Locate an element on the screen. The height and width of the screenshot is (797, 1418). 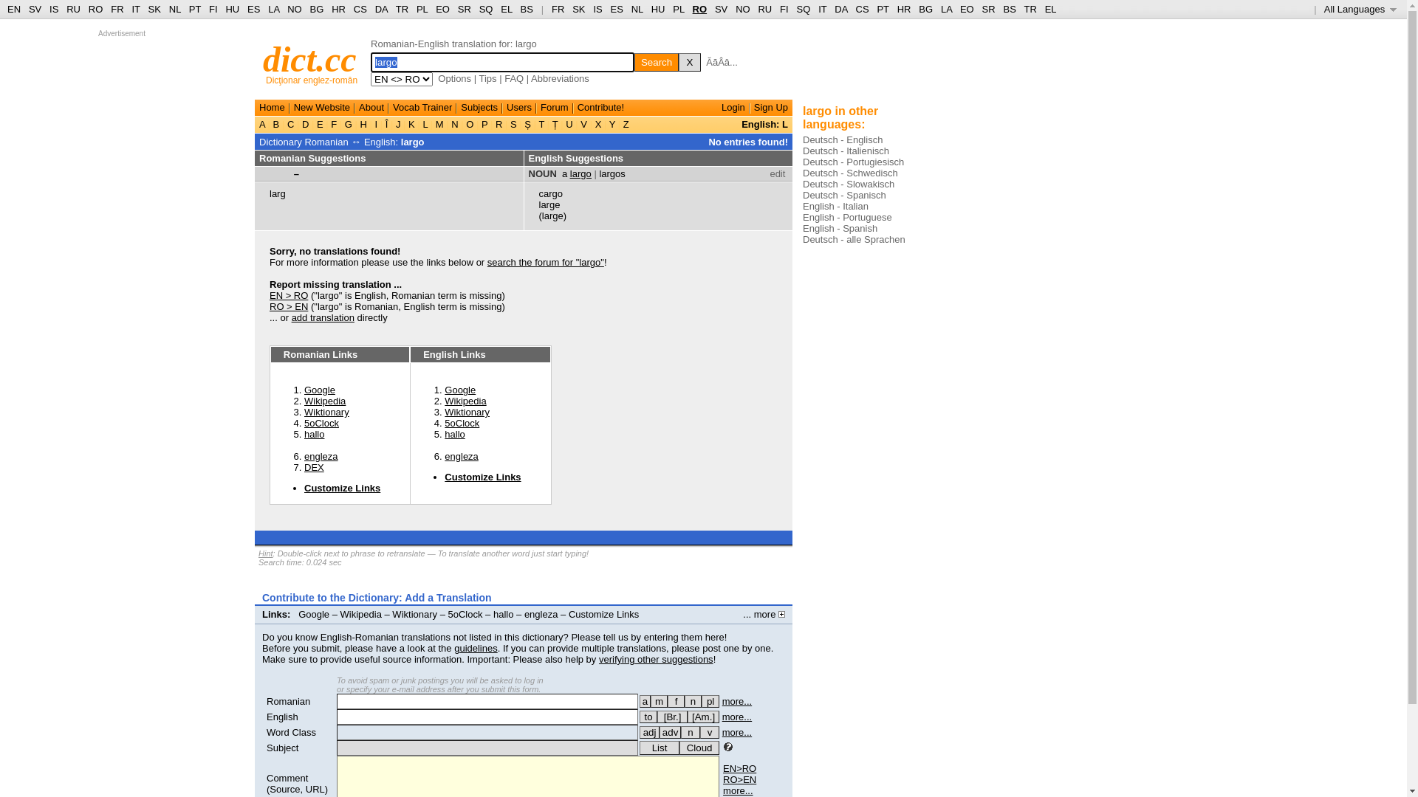
'search the forum for "largo"' is located at coordinates (545, 261).